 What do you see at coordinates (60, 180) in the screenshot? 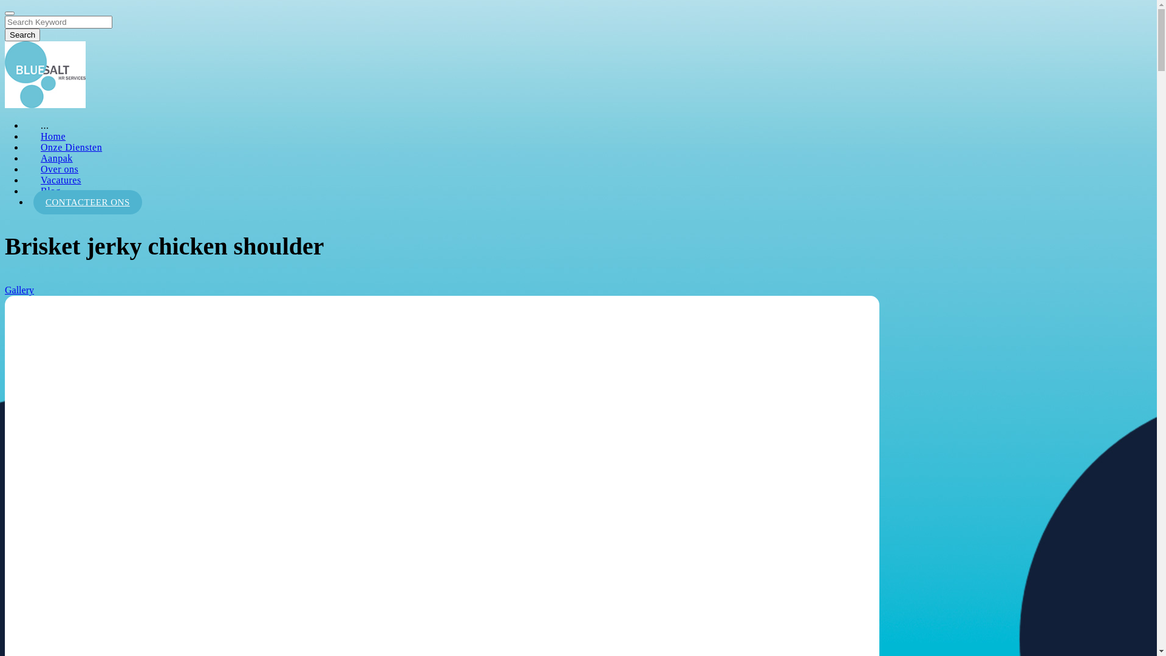
I see `'Vacatures'` at bounding box center [60, 180].